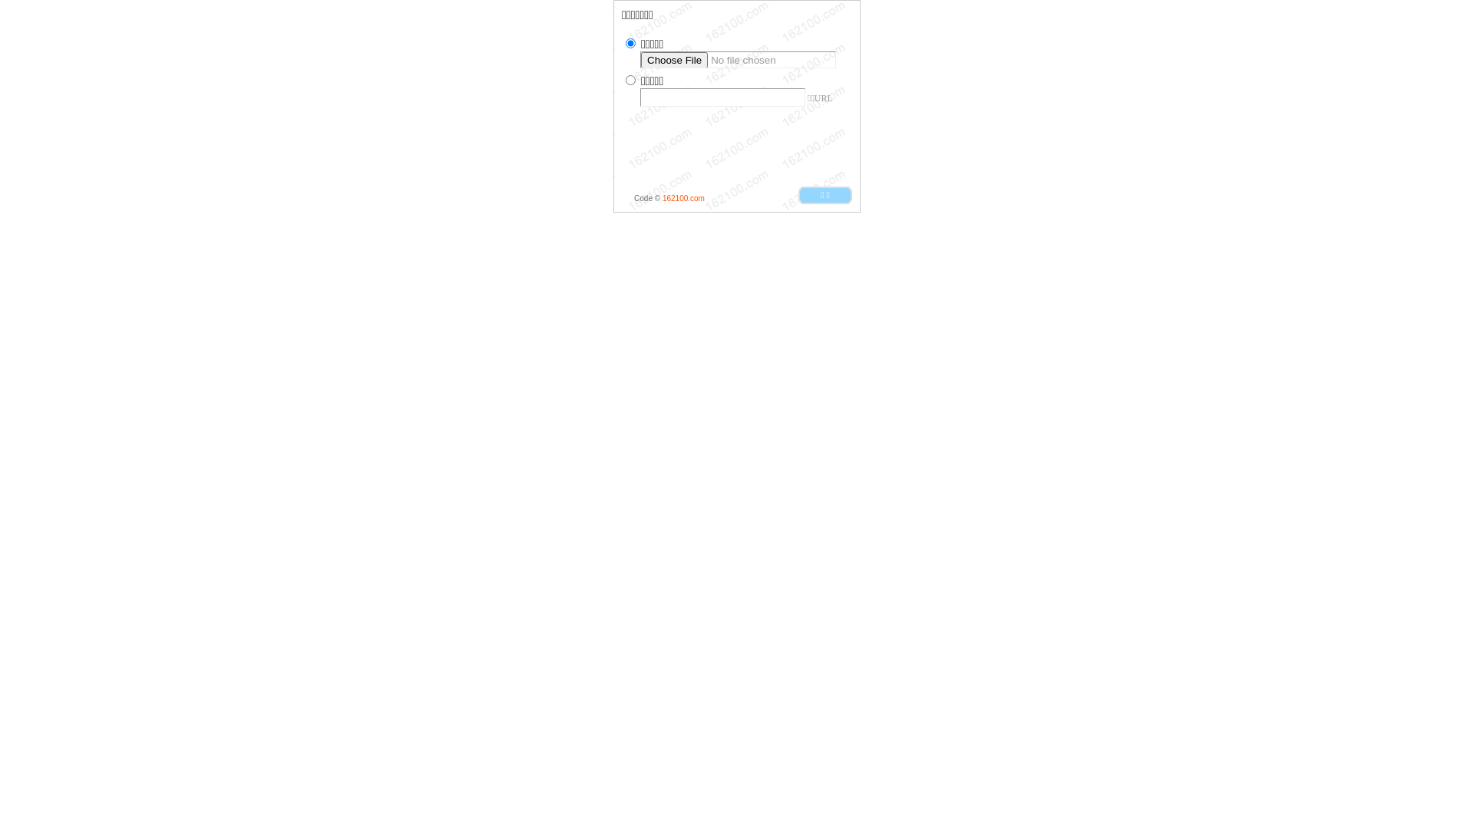 This screenshot has height=829, width=1474. What do you see at coordinates (682, 197) in the screenshot?
I see `'162100.com'` at bounding box center [682, 197].